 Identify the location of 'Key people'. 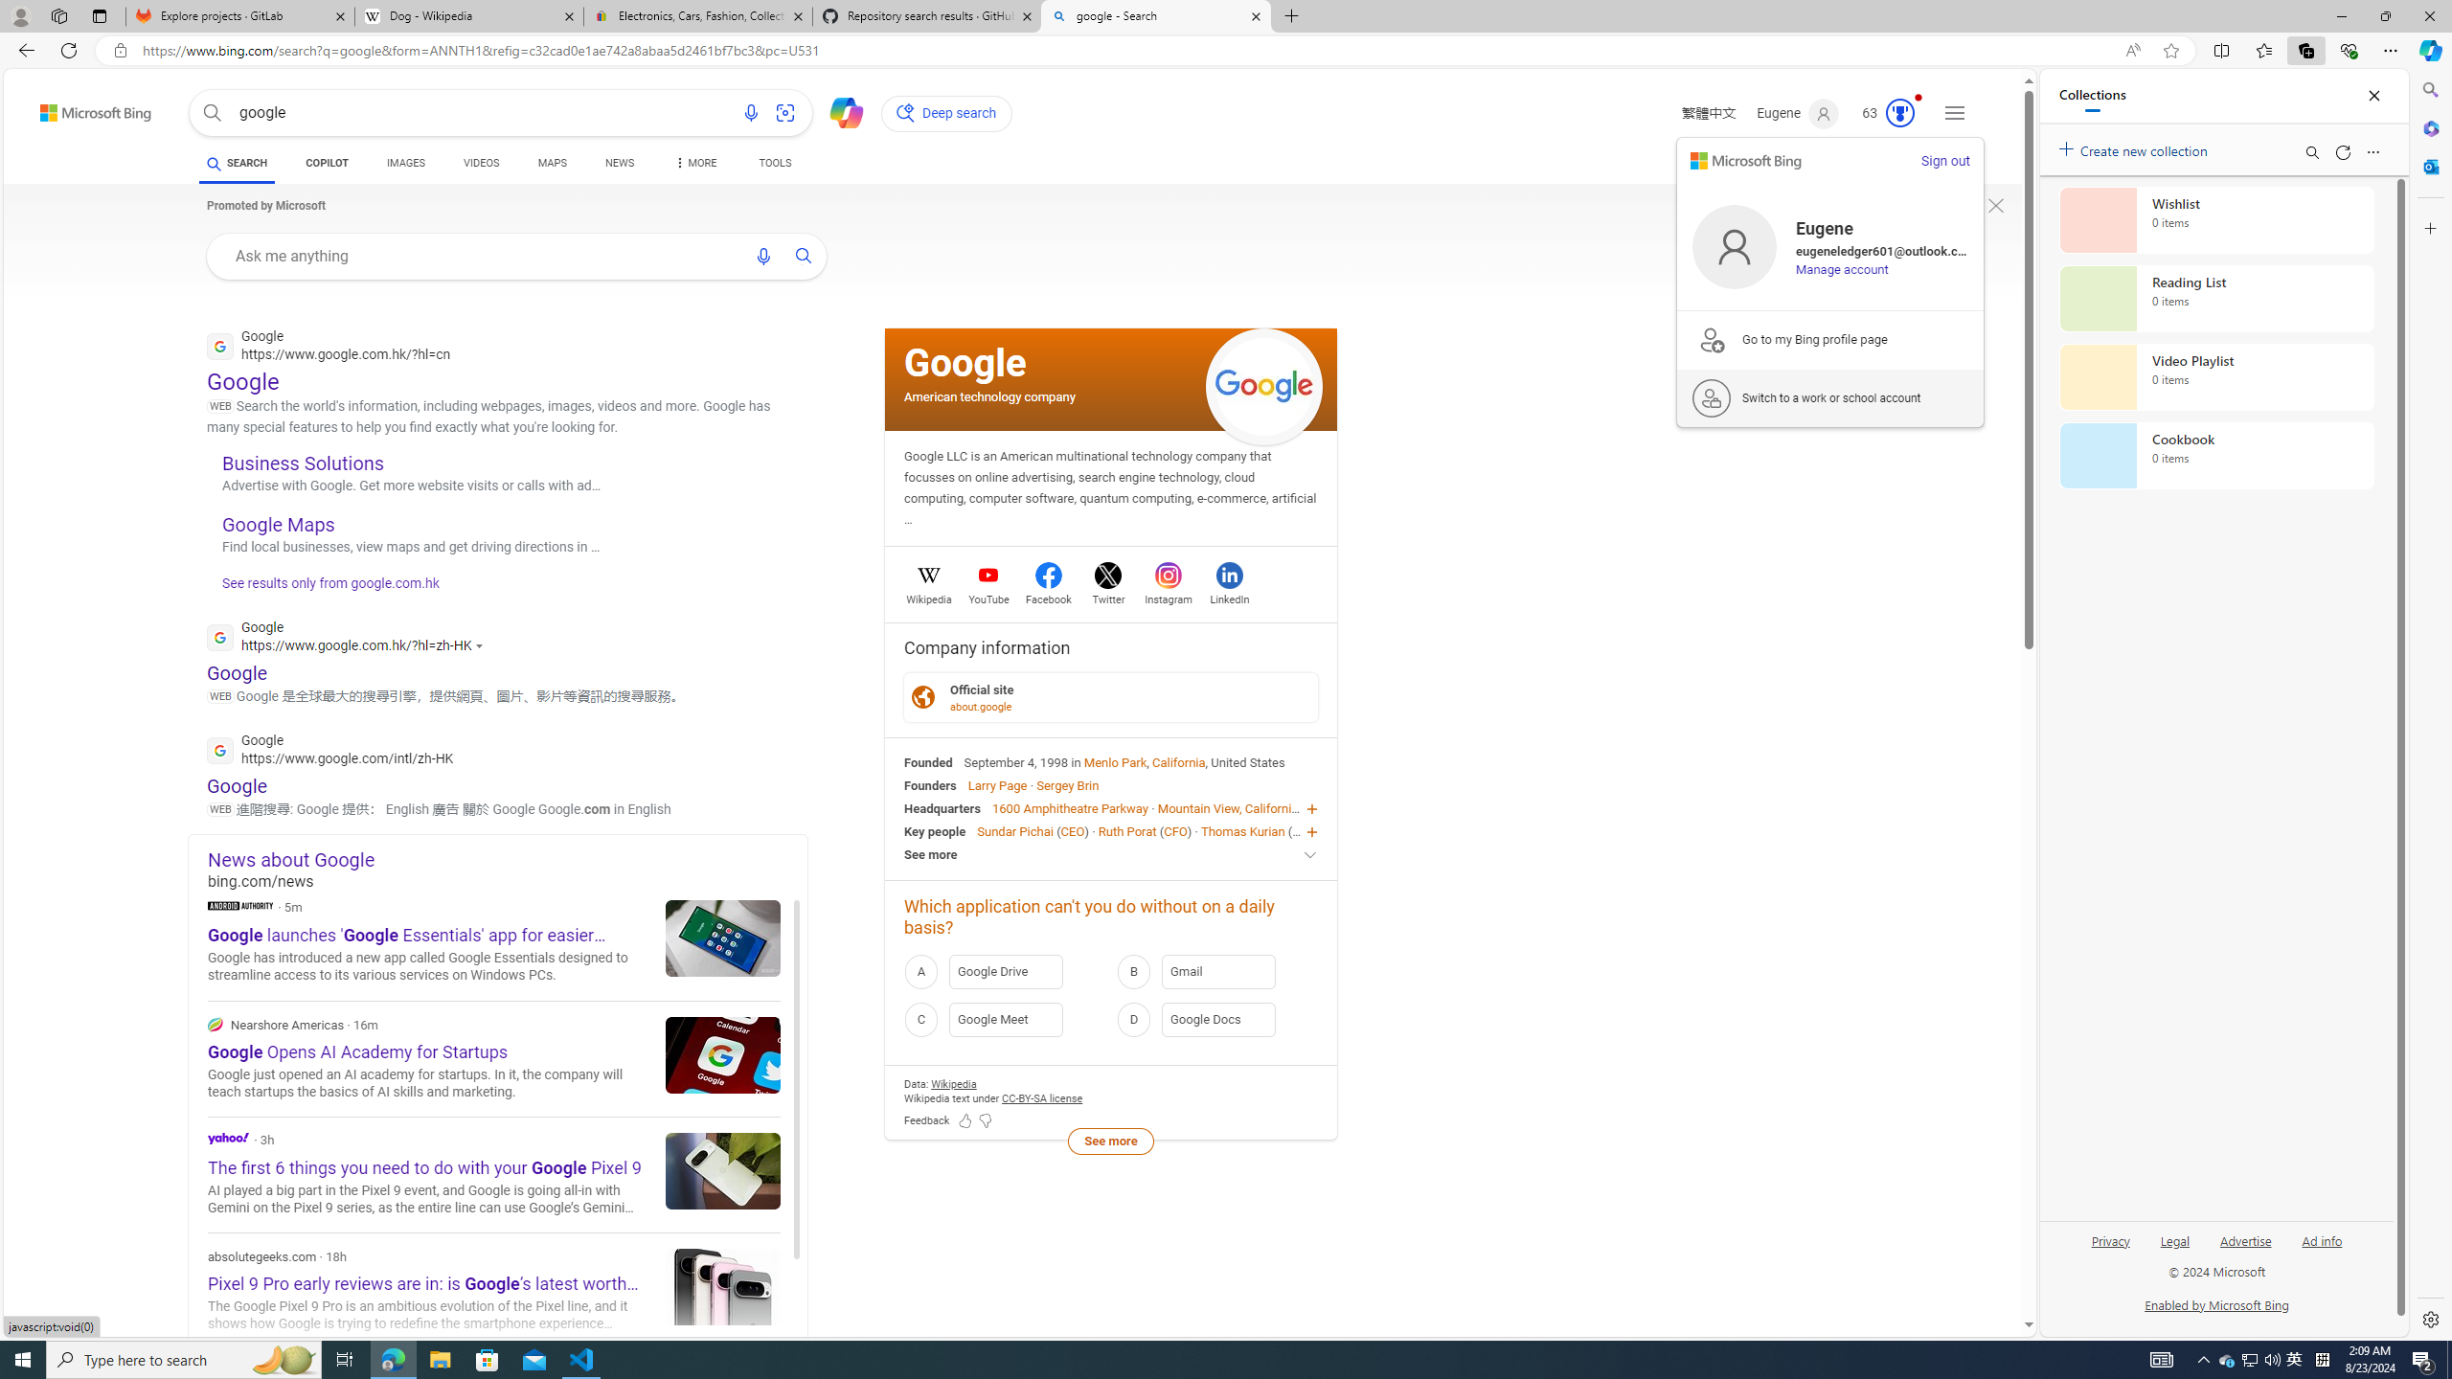
(934, 829).